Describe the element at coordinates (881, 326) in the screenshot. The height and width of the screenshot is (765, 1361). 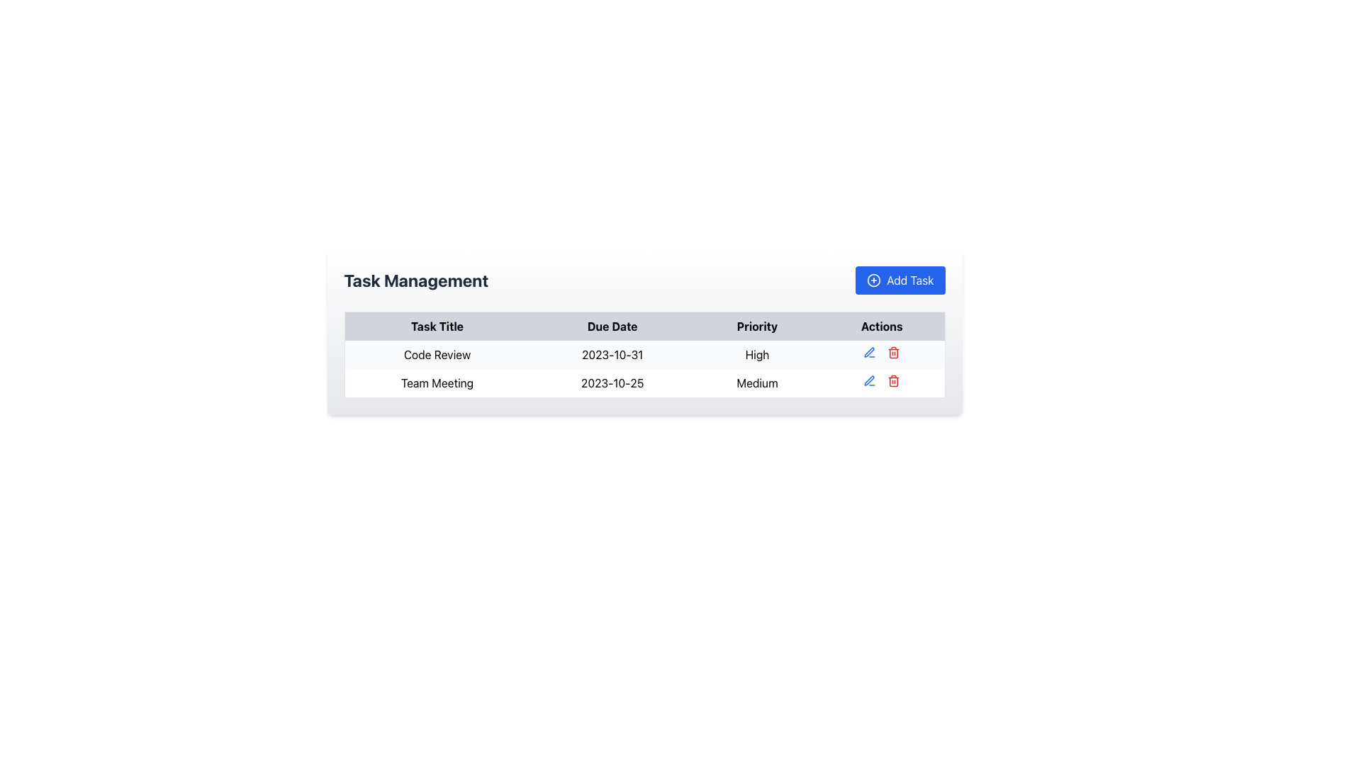
I see `the text label 'Actions' which is the fourth column header in the table, styled with a gray background and bold black text, positioned on the top row` at that location.